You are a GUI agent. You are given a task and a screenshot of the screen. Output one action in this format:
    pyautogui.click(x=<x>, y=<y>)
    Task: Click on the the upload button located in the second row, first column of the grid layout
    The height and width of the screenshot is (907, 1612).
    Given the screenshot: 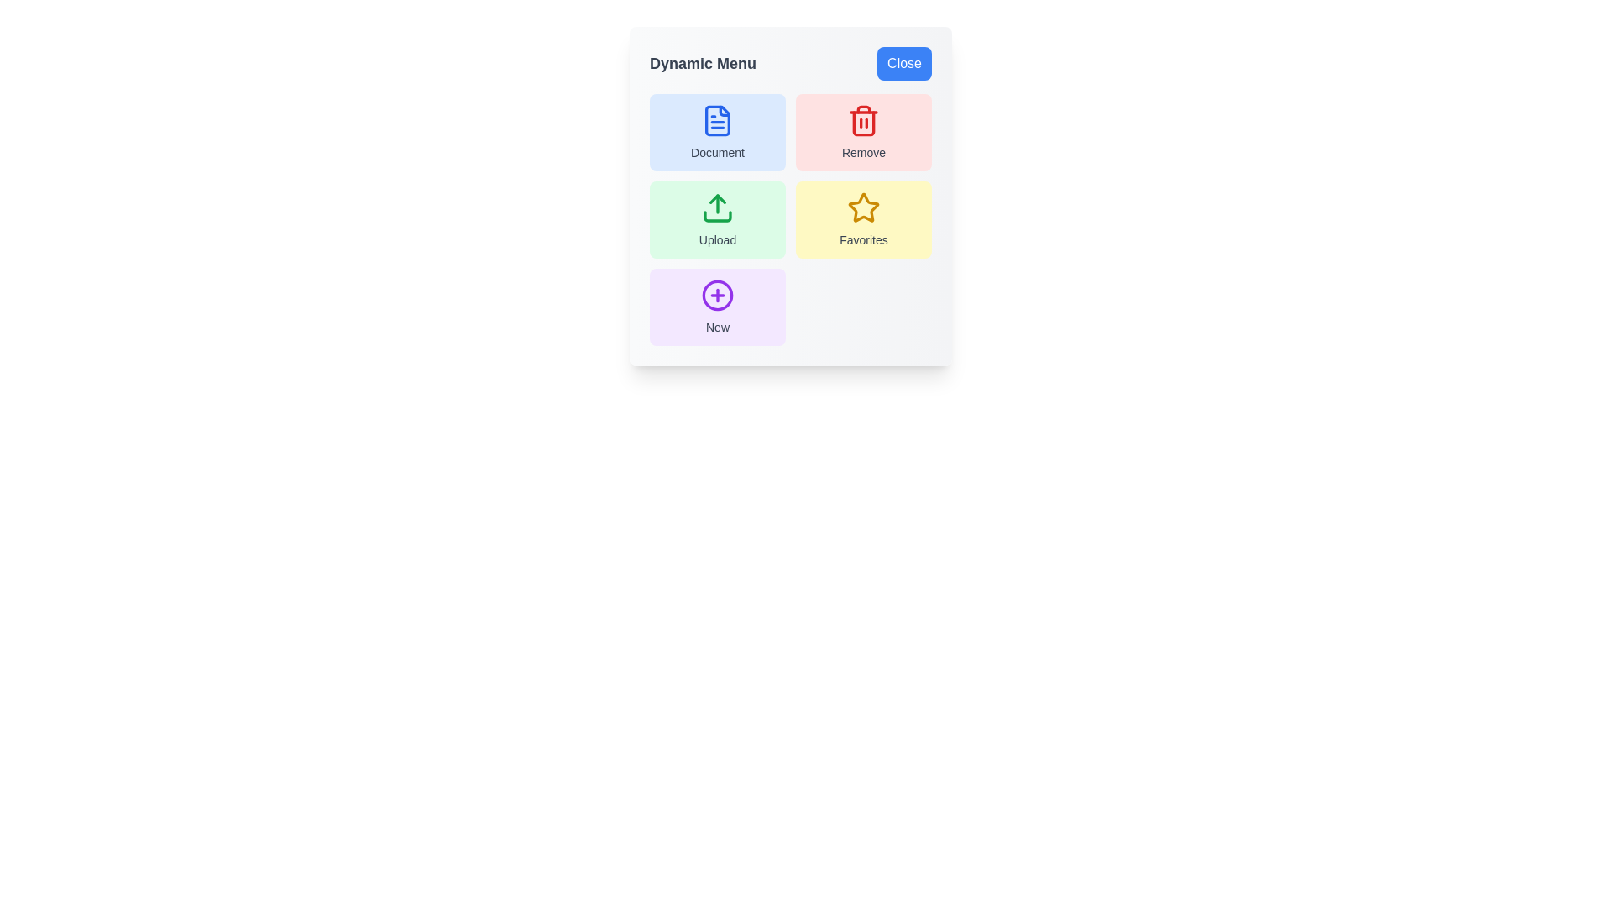 What is the action you would take?
    pyautogui.click(x=717, y=219)
    